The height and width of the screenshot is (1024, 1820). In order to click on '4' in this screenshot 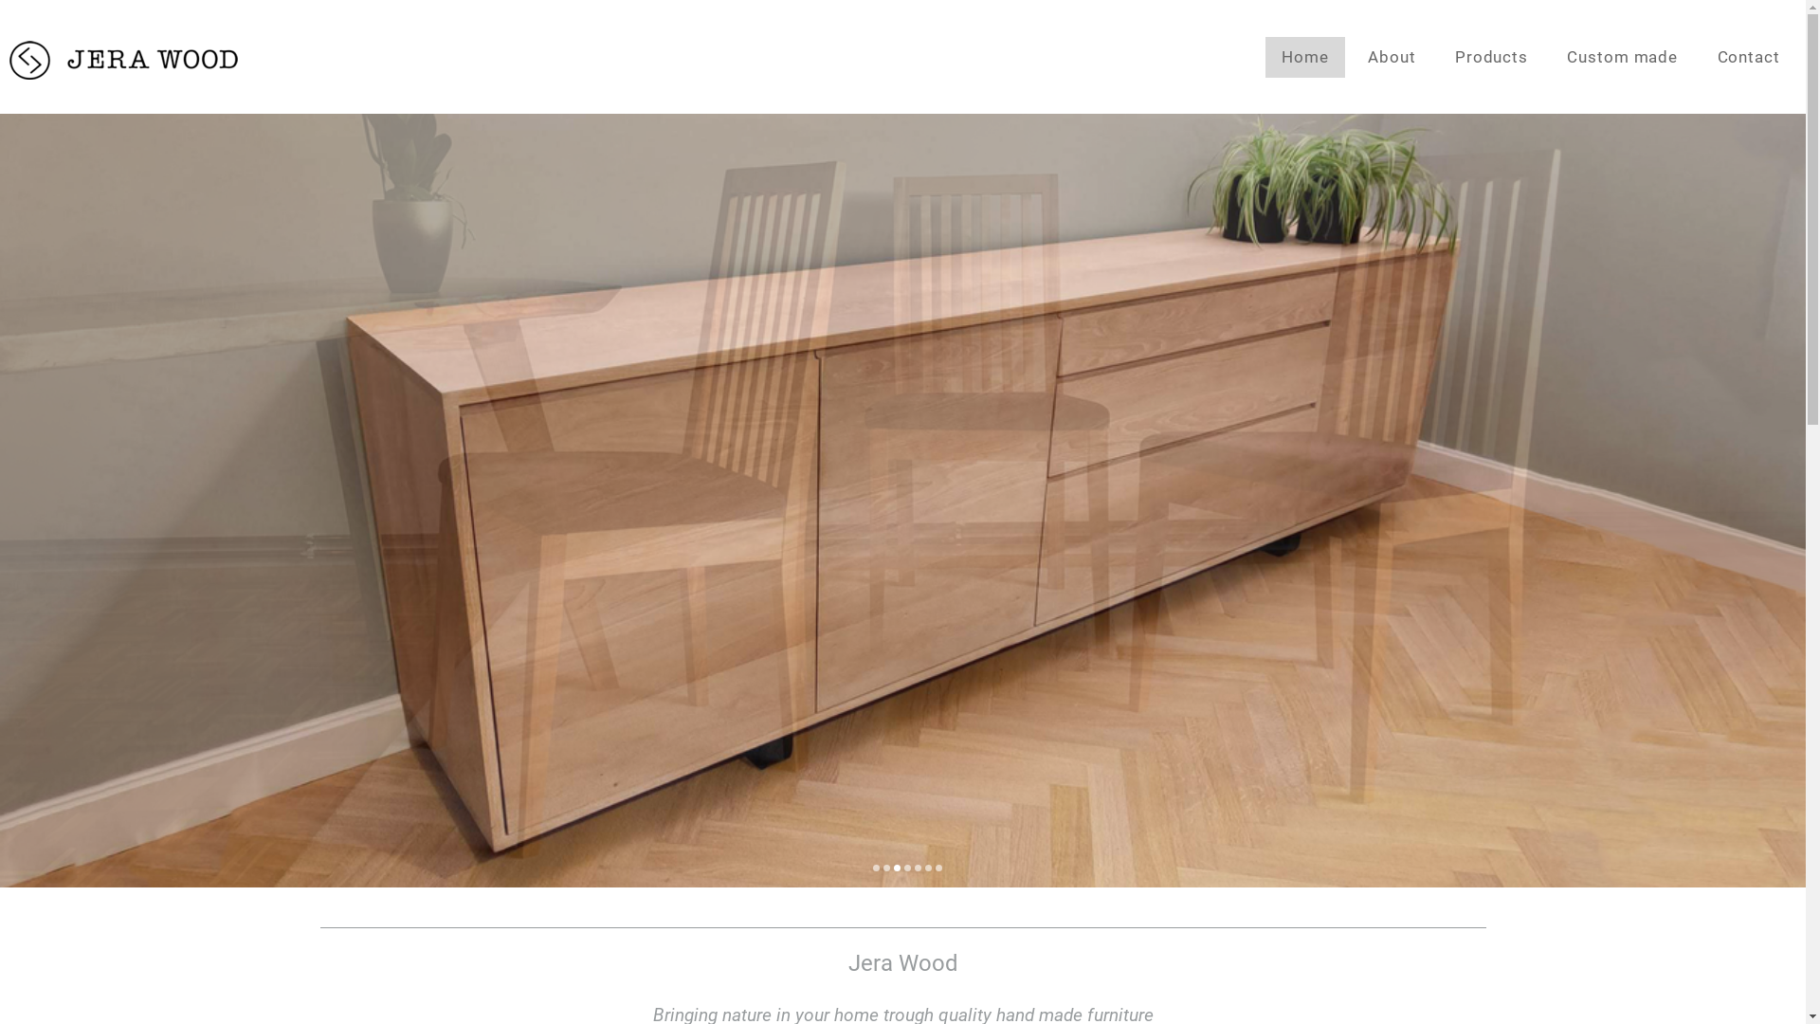, I will do `click(906, 869)`.